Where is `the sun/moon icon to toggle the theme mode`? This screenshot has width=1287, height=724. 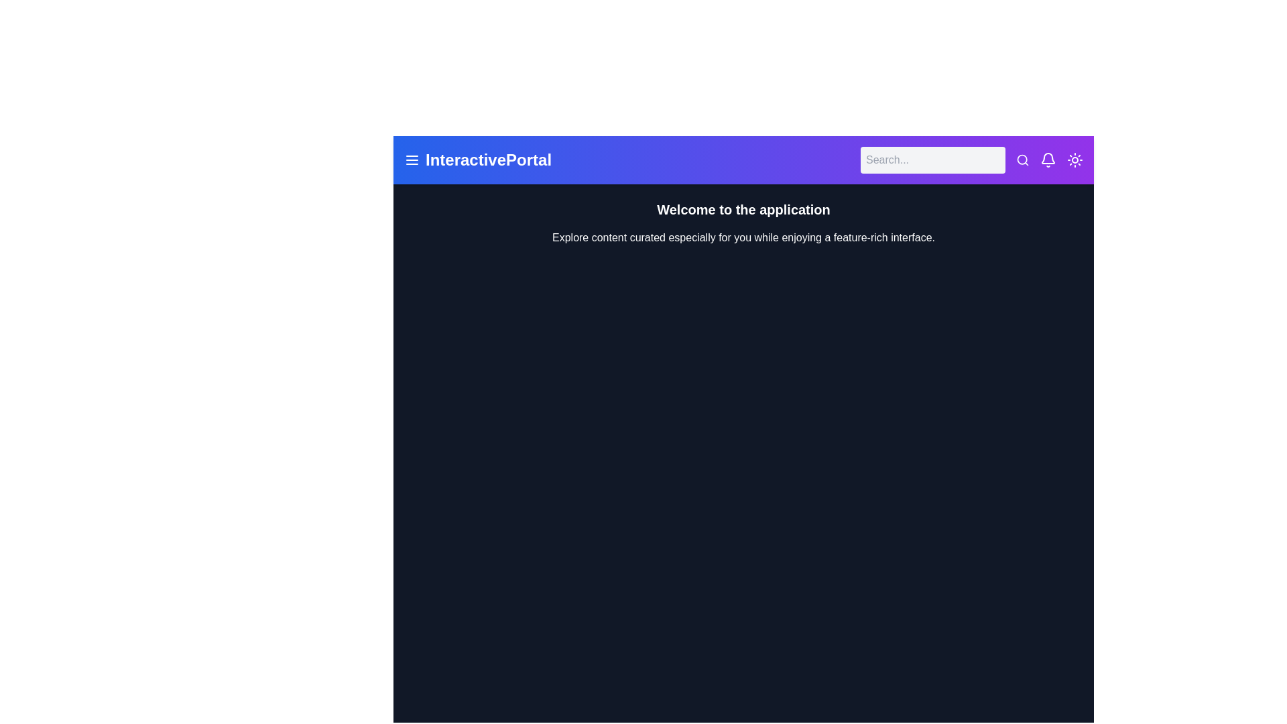
the sun/moon icon to toggle the theme mode is located at coordinates (1075, 160).